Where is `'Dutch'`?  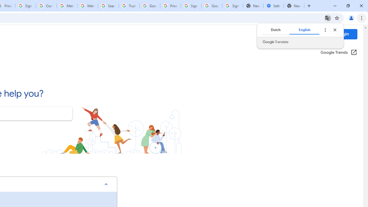
'Dutch' is located at coordinates (275, 30).